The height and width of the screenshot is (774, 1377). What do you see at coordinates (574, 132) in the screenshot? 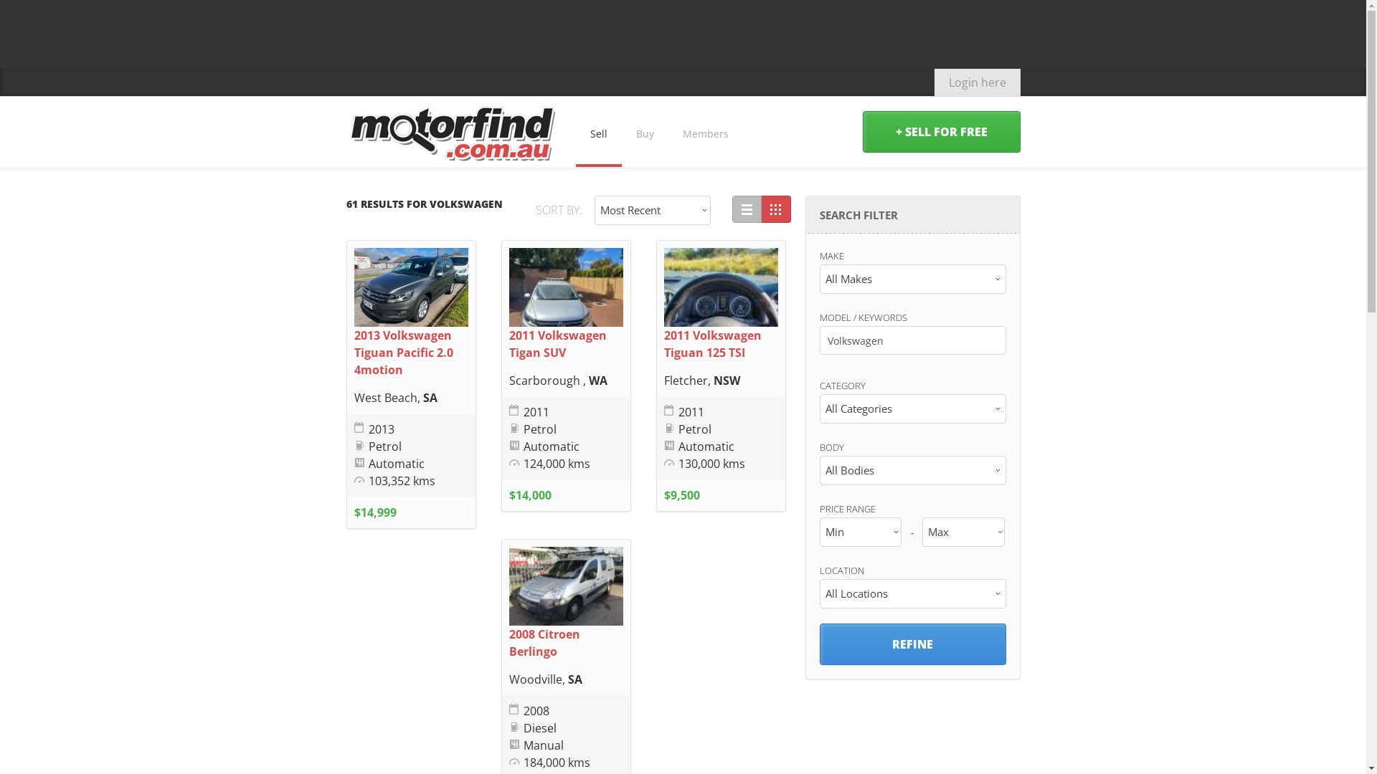
I see `'Sell'` at bounding box center [574, 132].